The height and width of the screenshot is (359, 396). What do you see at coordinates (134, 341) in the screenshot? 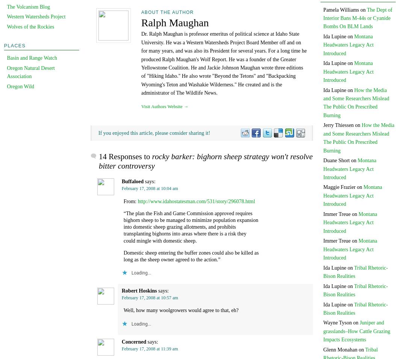
I see `'Concerned'` at bounding box center [134, 341].